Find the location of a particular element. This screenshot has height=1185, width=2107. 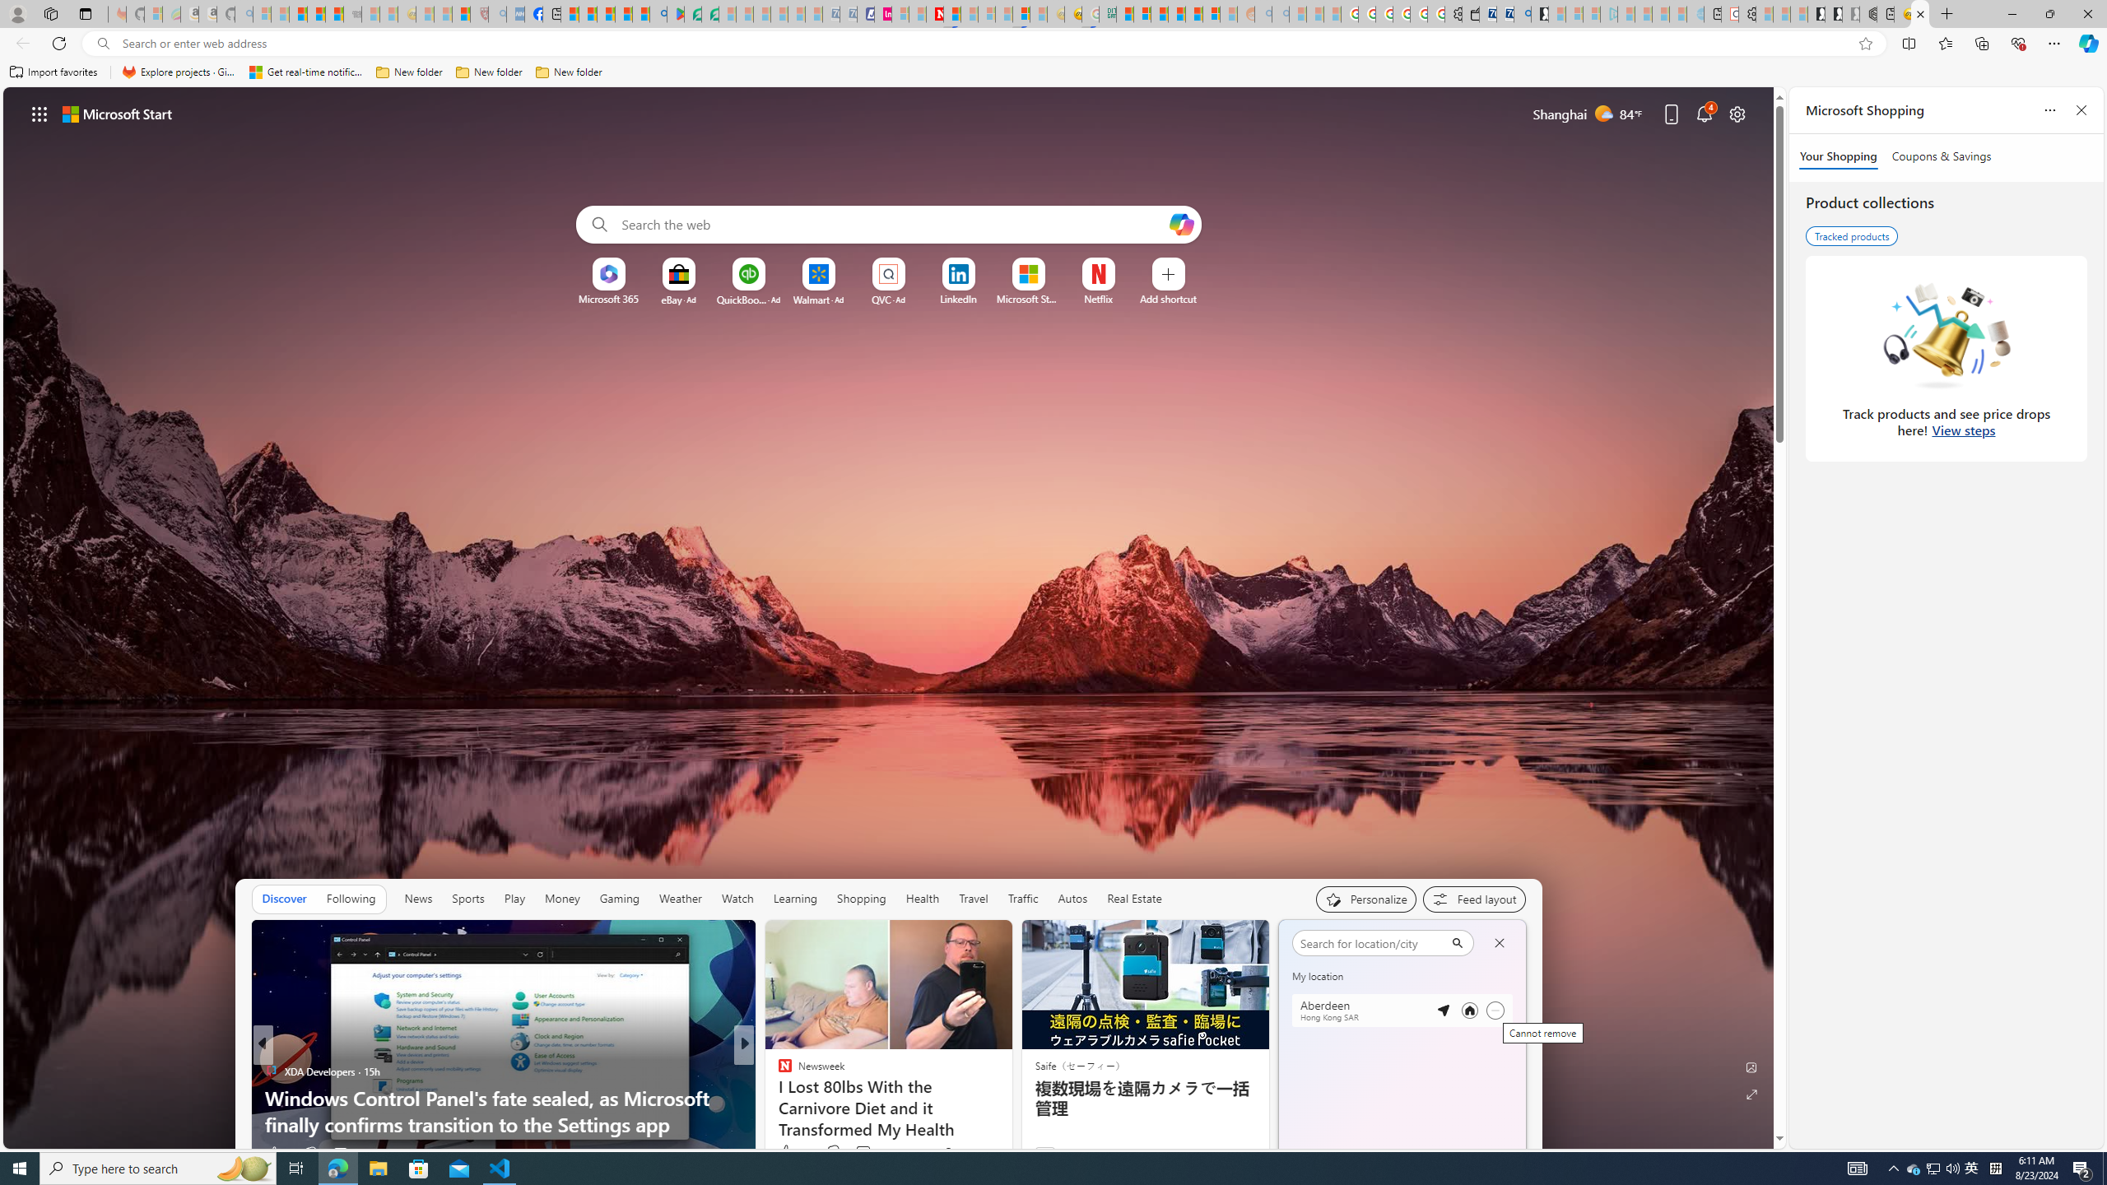

'Detected location' is located at coordinates (1442, 1011).